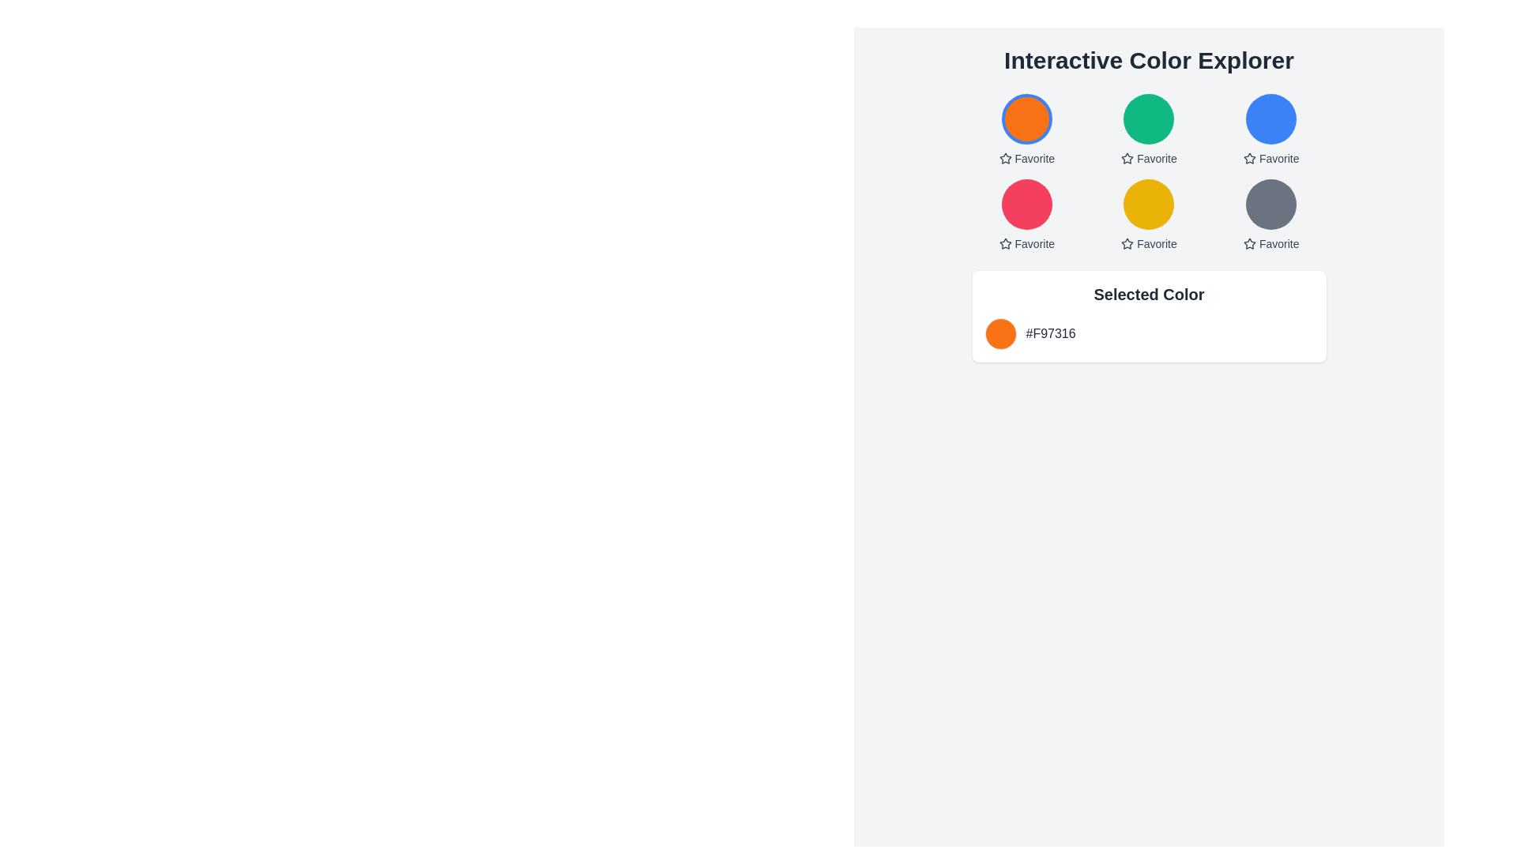 This screenshot has height=853, width=1517. Describe the element at coordinates (1127, 158) in the screenshot. I see `the Star icon located beneath the green circular color indicator, which indicates a 'Favorite' or 'Rating' for the associated color` at that location.